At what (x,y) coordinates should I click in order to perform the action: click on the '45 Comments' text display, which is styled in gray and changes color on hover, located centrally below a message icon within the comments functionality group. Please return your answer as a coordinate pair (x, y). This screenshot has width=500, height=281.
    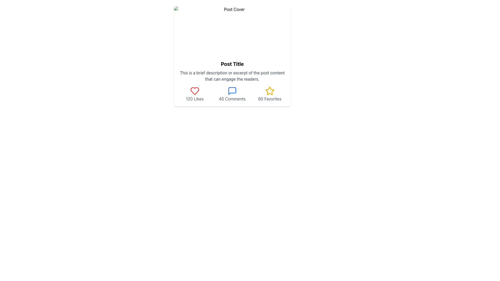
    Looking at the image, I should click on (232, 99).